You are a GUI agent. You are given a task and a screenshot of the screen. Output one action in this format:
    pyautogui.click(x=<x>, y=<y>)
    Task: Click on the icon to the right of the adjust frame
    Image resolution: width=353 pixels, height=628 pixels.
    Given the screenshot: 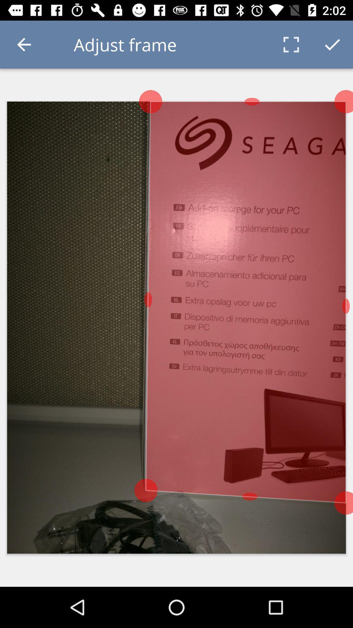 What is the action you would take?
    pyautogui.click(x=291, y=44)
    